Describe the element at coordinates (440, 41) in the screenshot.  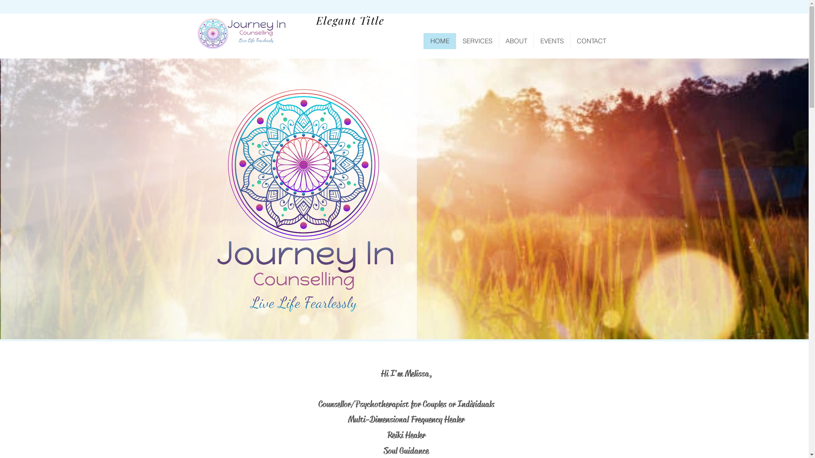
I see `'HOME'` at that location.